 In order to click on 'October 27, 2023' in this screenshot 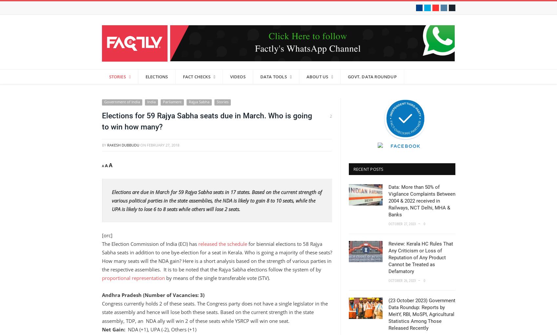, I will do `click(402, 224)`.